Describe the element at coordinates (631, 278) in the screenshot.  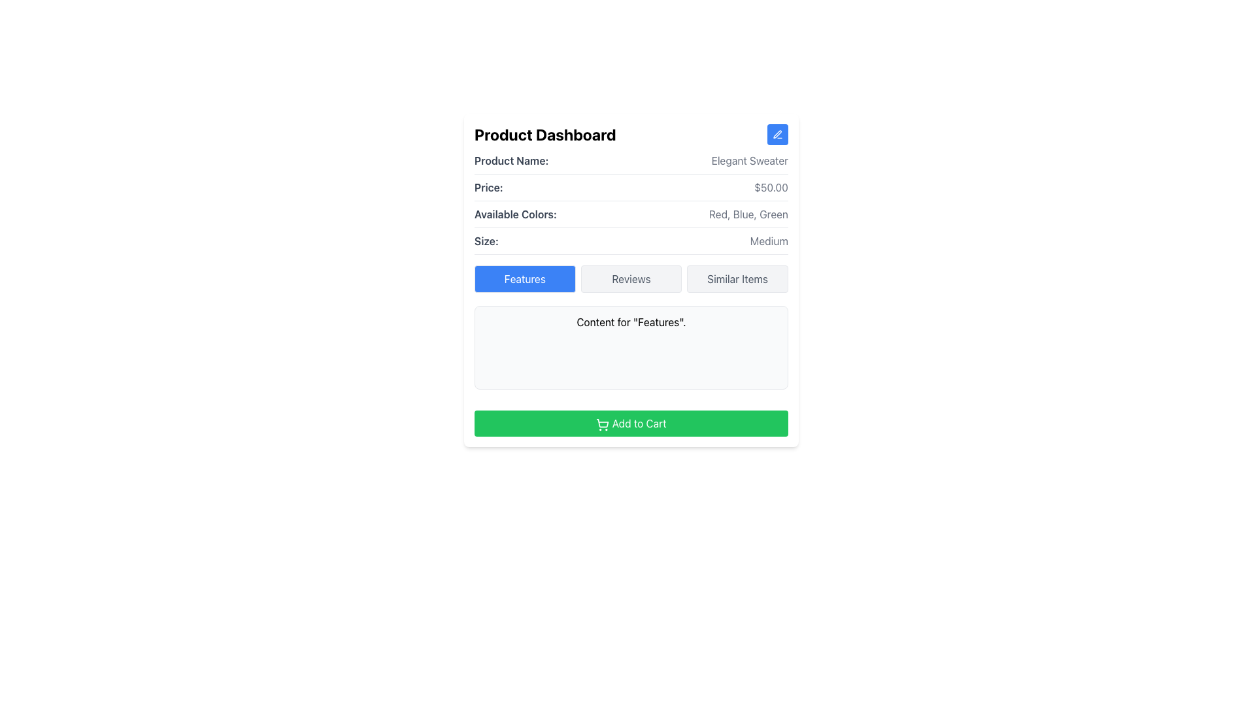
I see `the 'Reviews' button, which is a rectangular button with a light gray background and dark gray text` at that location.